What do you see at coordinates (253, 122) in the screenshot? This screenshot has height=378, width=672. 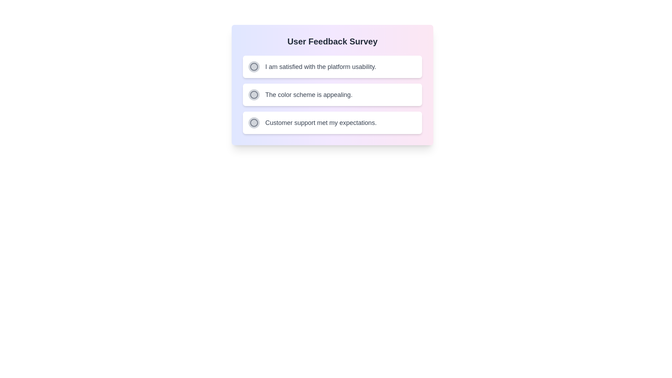 I see `the survey option 3` at bounding box center [253, 122].